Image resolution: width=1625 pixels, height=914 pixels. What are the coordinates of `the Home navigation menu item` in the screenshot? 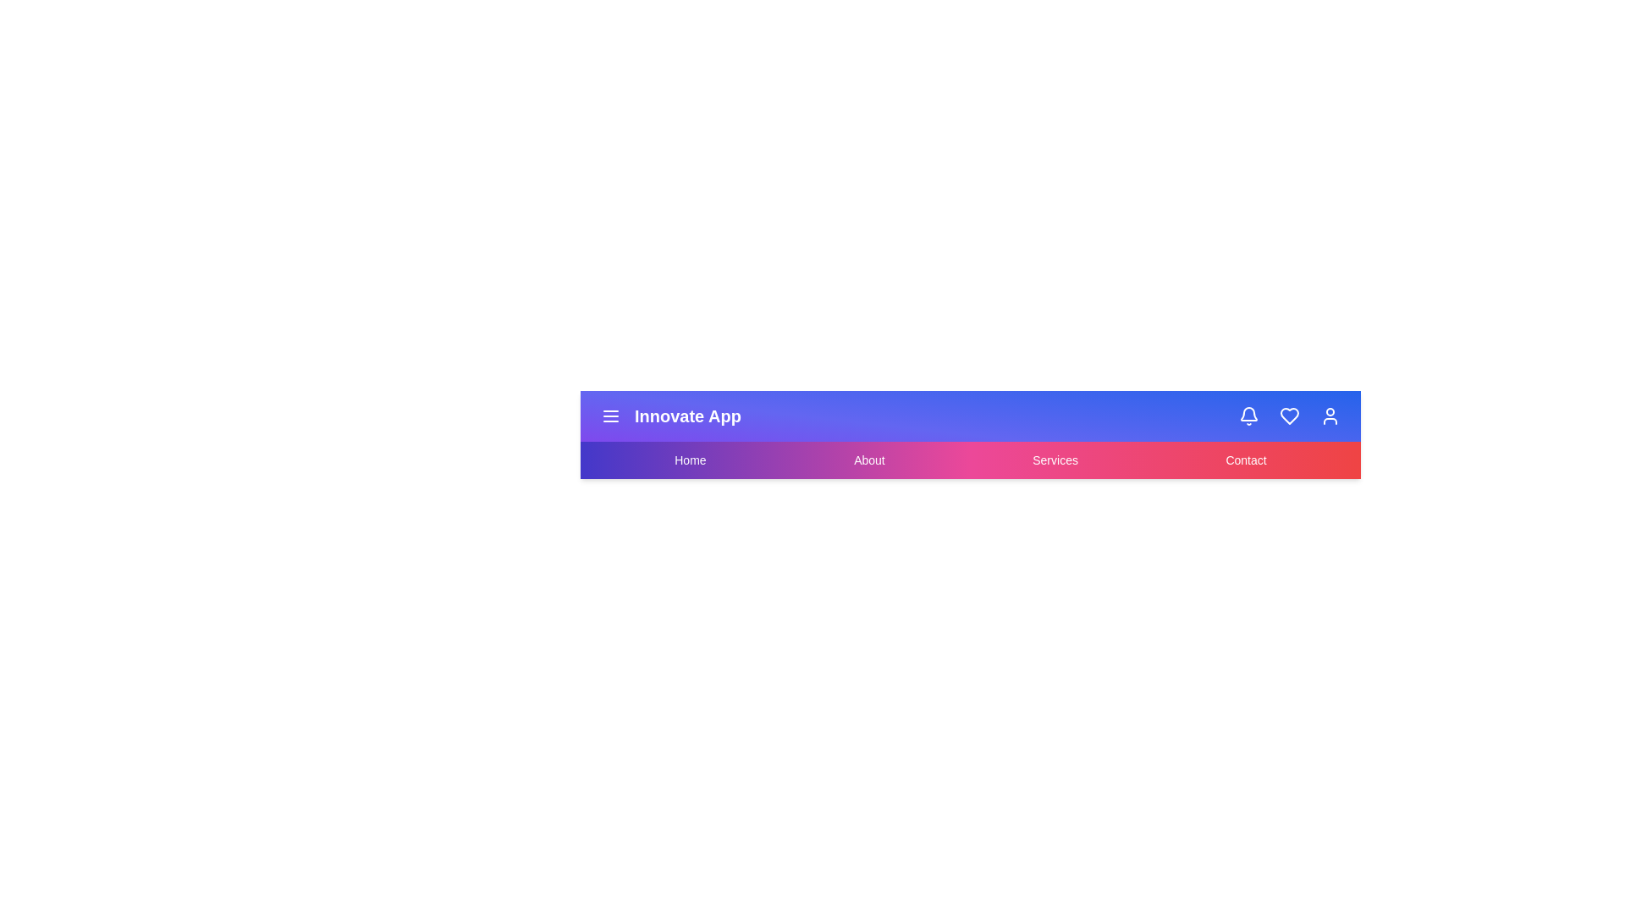 It's located at (691, 460).